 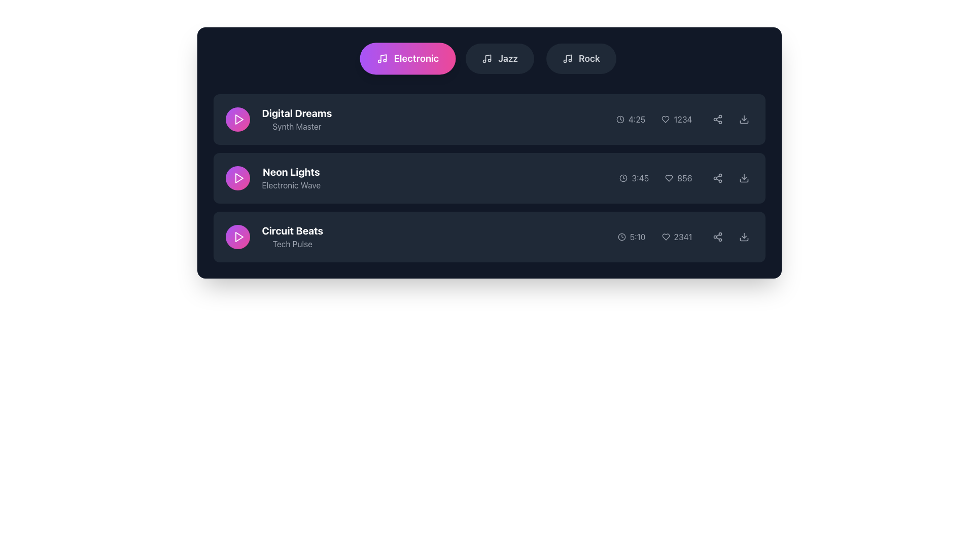 What do you see at coordinates (744, 119) in the screenshot?
I see `the 'Download' icon button located in the top-right corner of the first track in the playlist to initiate the download of the corresponding music track` at bounding box center [744, 119].